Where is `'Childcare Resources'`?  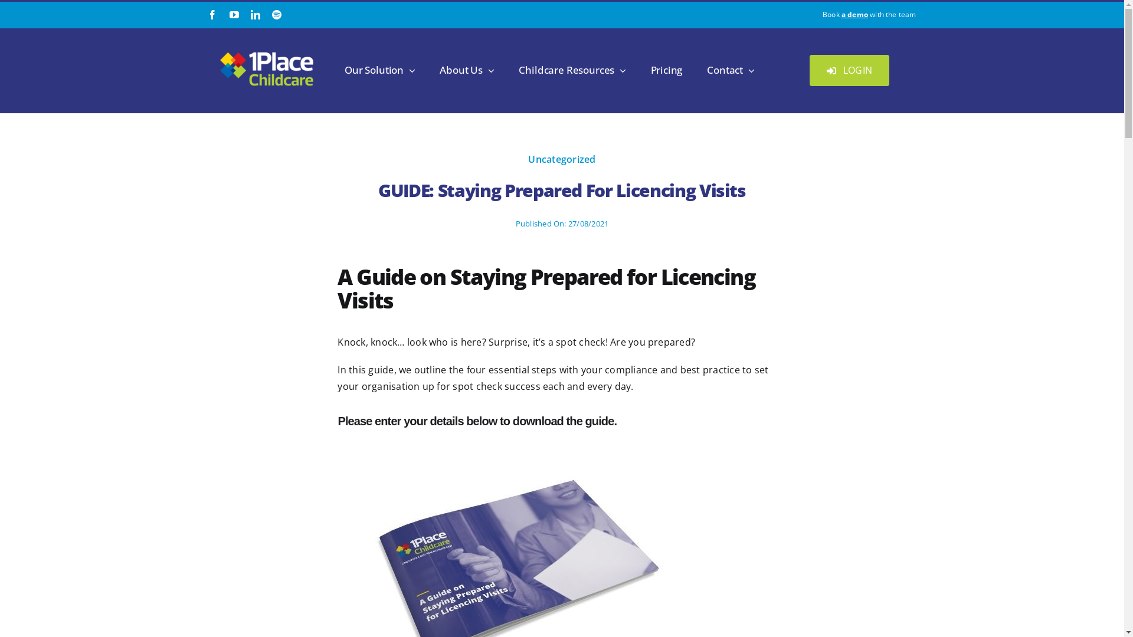 'Childcare Resources' is located at coordinates (572, 70).